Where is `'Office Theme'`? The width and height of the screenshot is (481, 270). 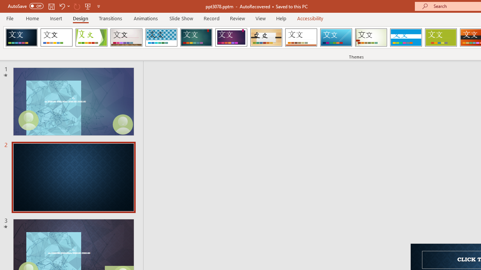
'Office Theme' is located at coordinates (56, 37).